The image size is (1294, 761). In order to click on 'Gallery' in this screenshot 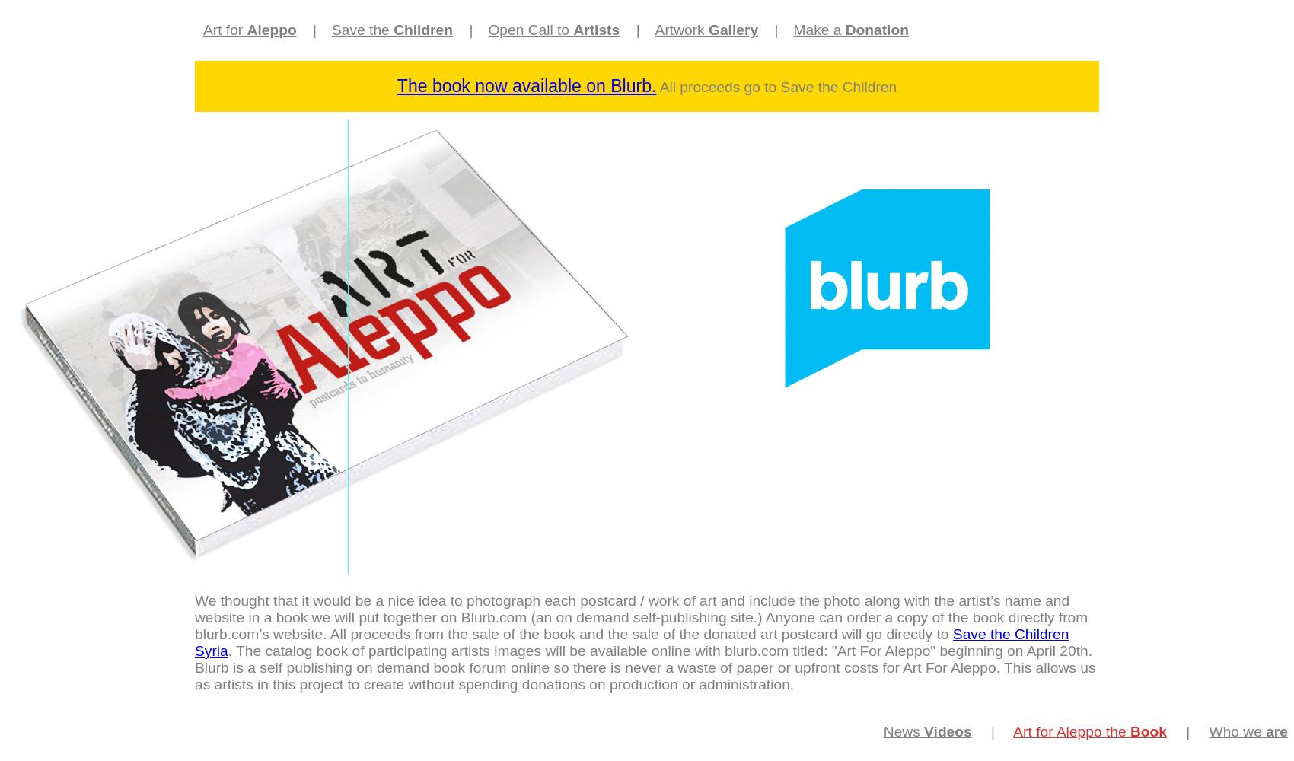, I will do `click(732, 30)`.